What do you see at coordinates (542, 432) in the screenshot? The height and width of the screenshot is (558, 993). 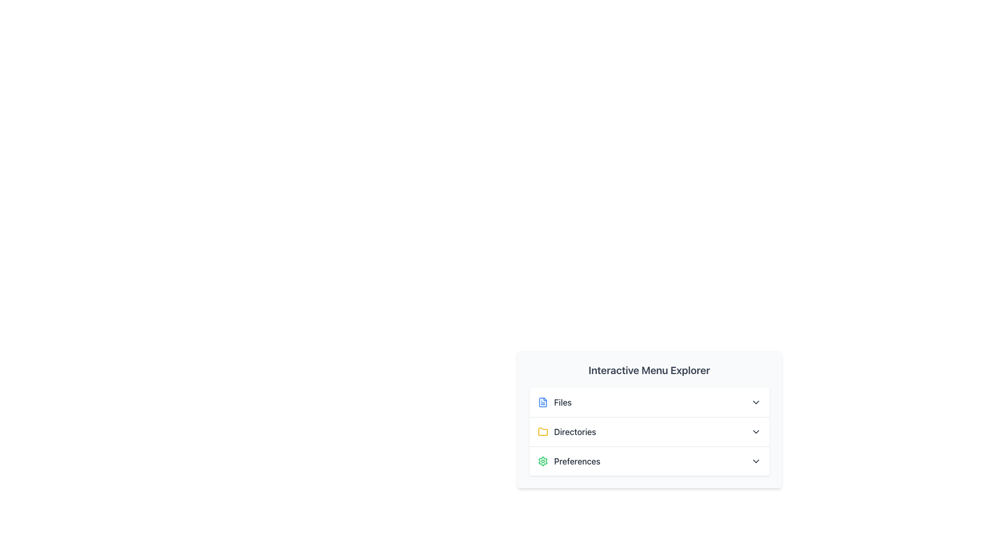 I see `the small yellow folder icon located to the left of the 'Directories' label in the bottom-right menu interface` at bounding box center [542, 432].